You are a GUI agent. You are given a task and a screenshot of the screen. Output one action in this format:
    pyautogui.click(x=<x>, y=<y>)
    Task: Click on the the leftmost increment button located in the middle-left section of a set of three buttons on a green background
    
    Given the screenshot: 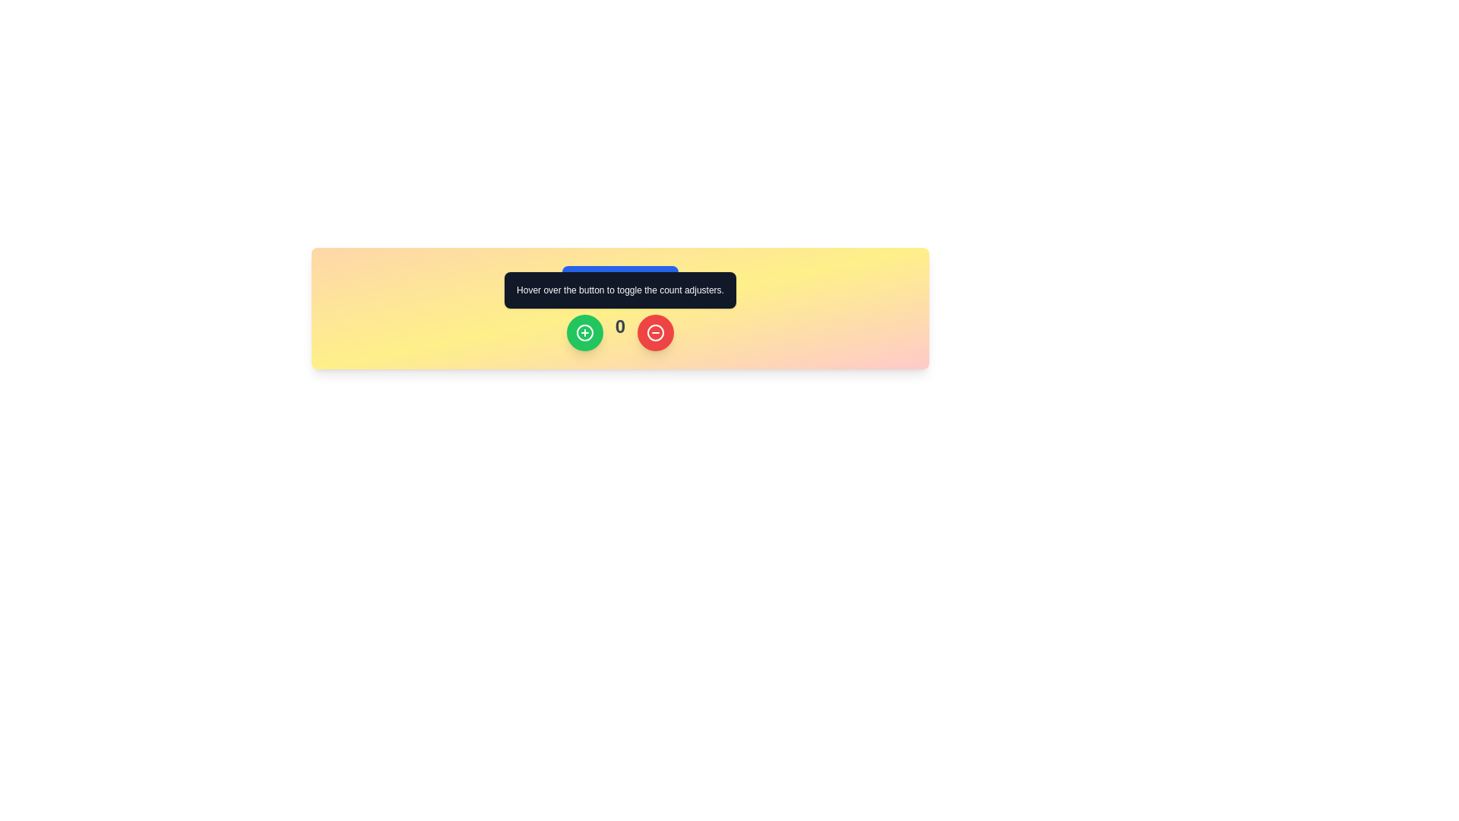 What is the action you would take?
    pyautogui.click(x=584, y=332)
    